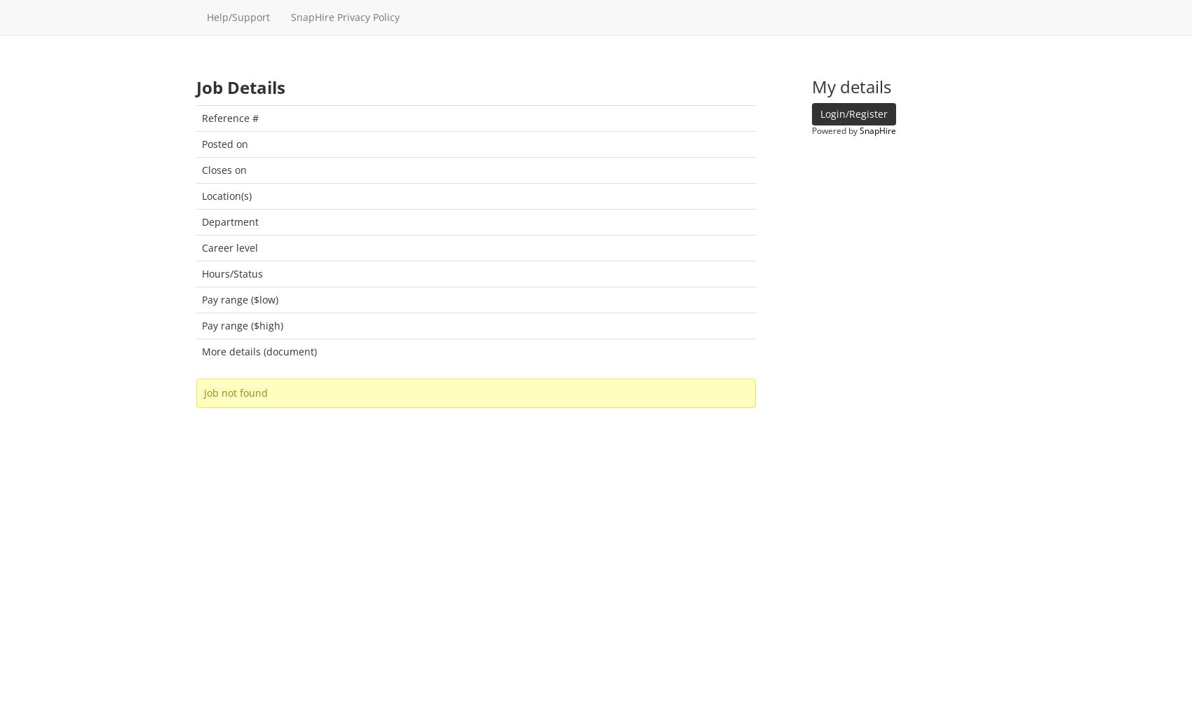 The height and width of the screenshot is (701, 1192). What do you see at coordinates (201, 246) in the screenshot?
I see `'Career level'` at bounding box center [201, 246].